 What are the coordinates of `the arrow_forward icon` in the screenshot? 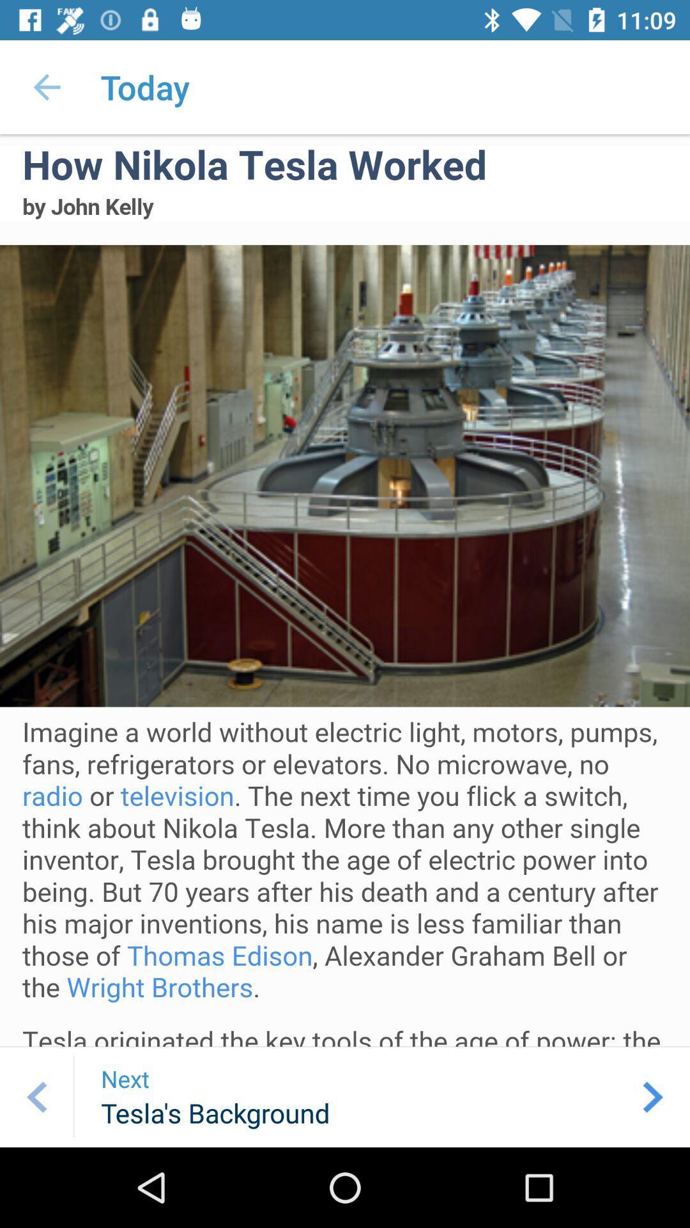 It's located at (653, 1096).